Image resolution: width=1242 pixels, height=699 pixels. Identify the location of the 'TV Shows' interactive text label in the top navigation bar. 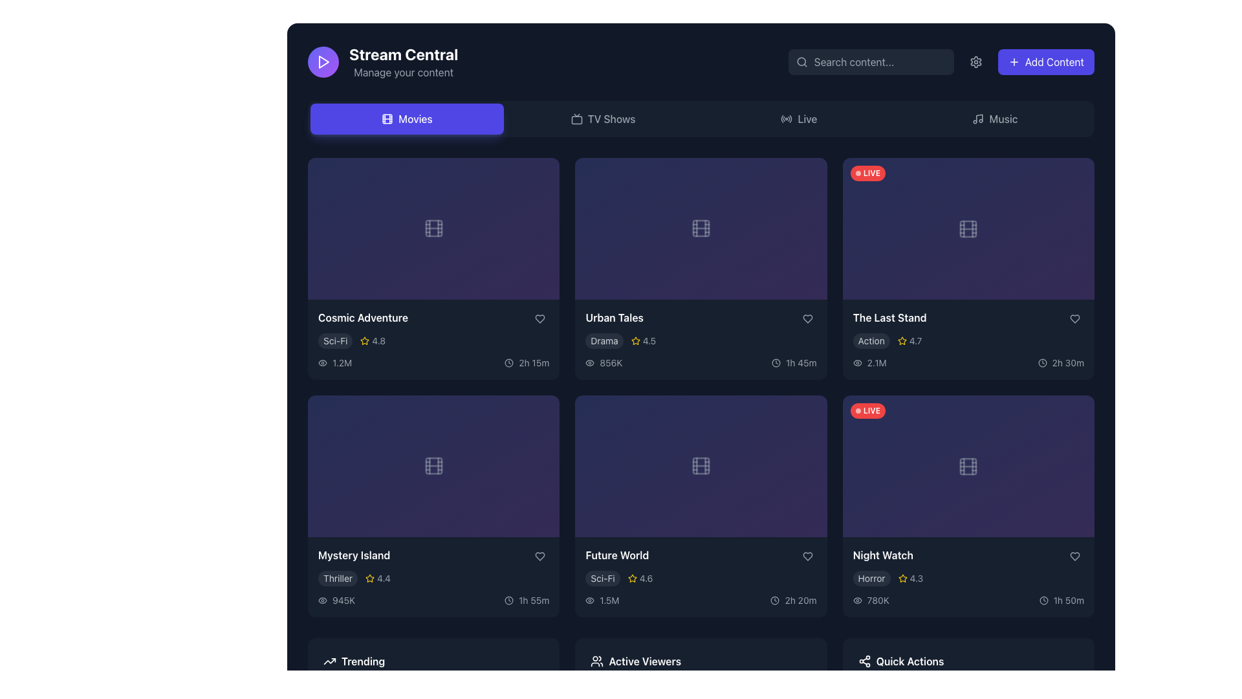
(611, 119).